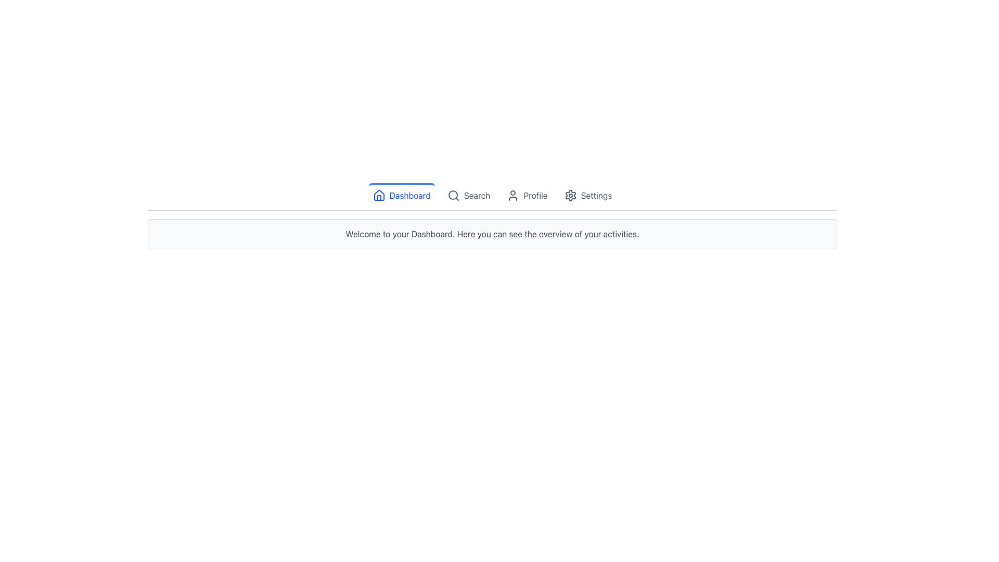  Describe the element at coordinates (468, 195) in the screenshot. I see `the 'Search' button, which features a magnifying glass icon and is located in the navigation bar to the right of 'Dashboard' and to the left of 'Profile'` at that location.